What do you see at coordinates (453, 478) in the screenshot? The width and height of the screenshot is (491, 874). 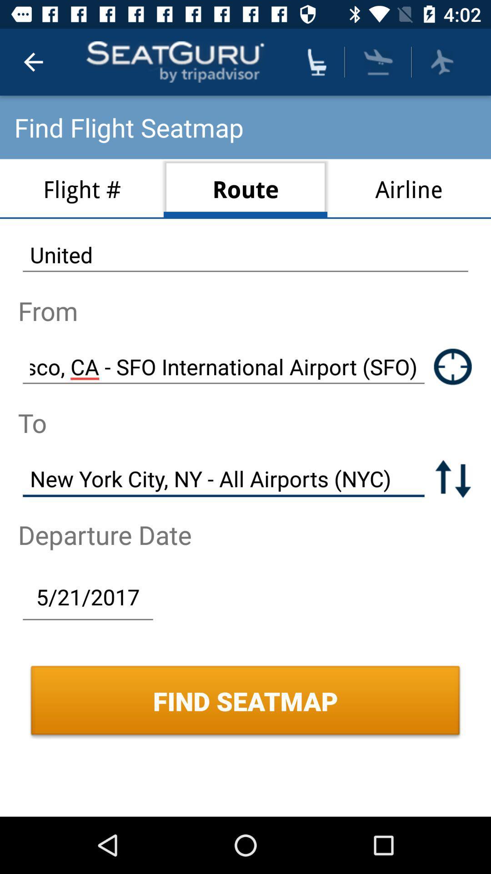 I see `the swap icon` at bounding box center [453, 478].